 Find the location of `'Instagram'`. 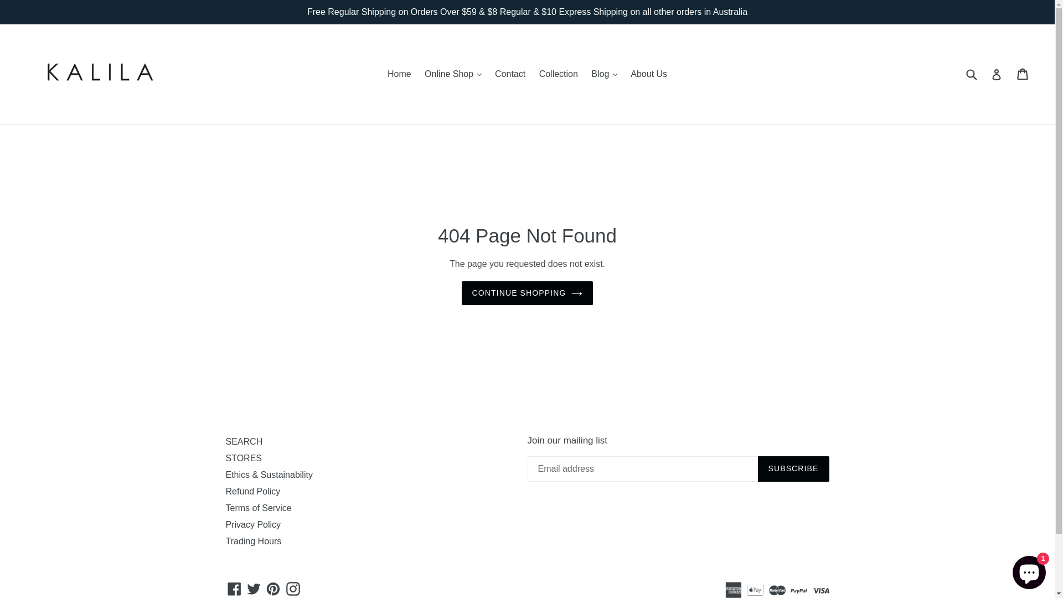

'Instagram' is located at coordinates (293, 588).